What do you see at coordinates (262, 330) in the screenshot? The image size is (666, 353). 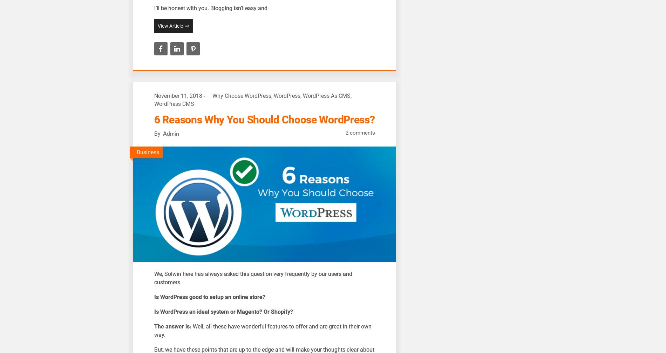 I see `'Well, all these have wonderful features to offer and are great in their own way.'` at bounding box center [262, 330].